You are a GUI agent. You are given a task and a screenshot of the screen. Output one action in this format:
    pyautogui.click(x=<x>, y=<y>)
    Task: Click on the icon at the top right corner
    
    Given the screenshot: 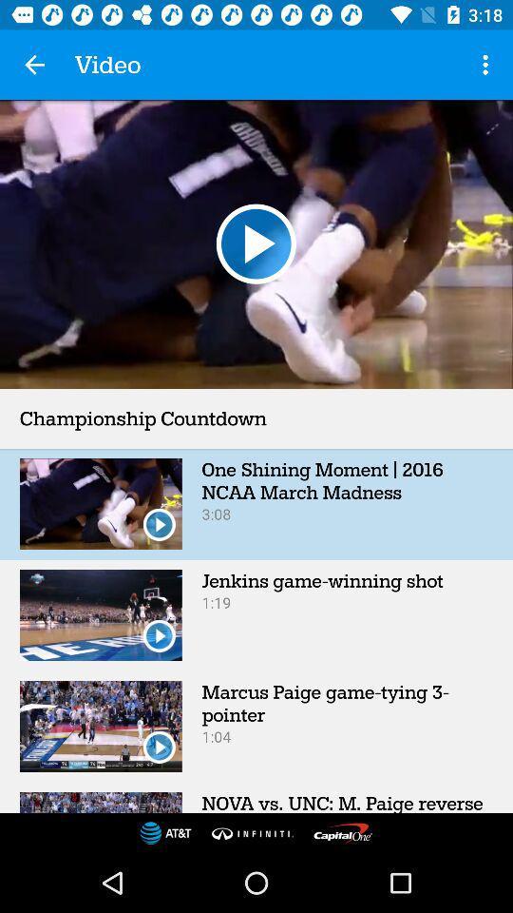 What is the action you would take?
    pyautogui.click(x=487, y=65)
    